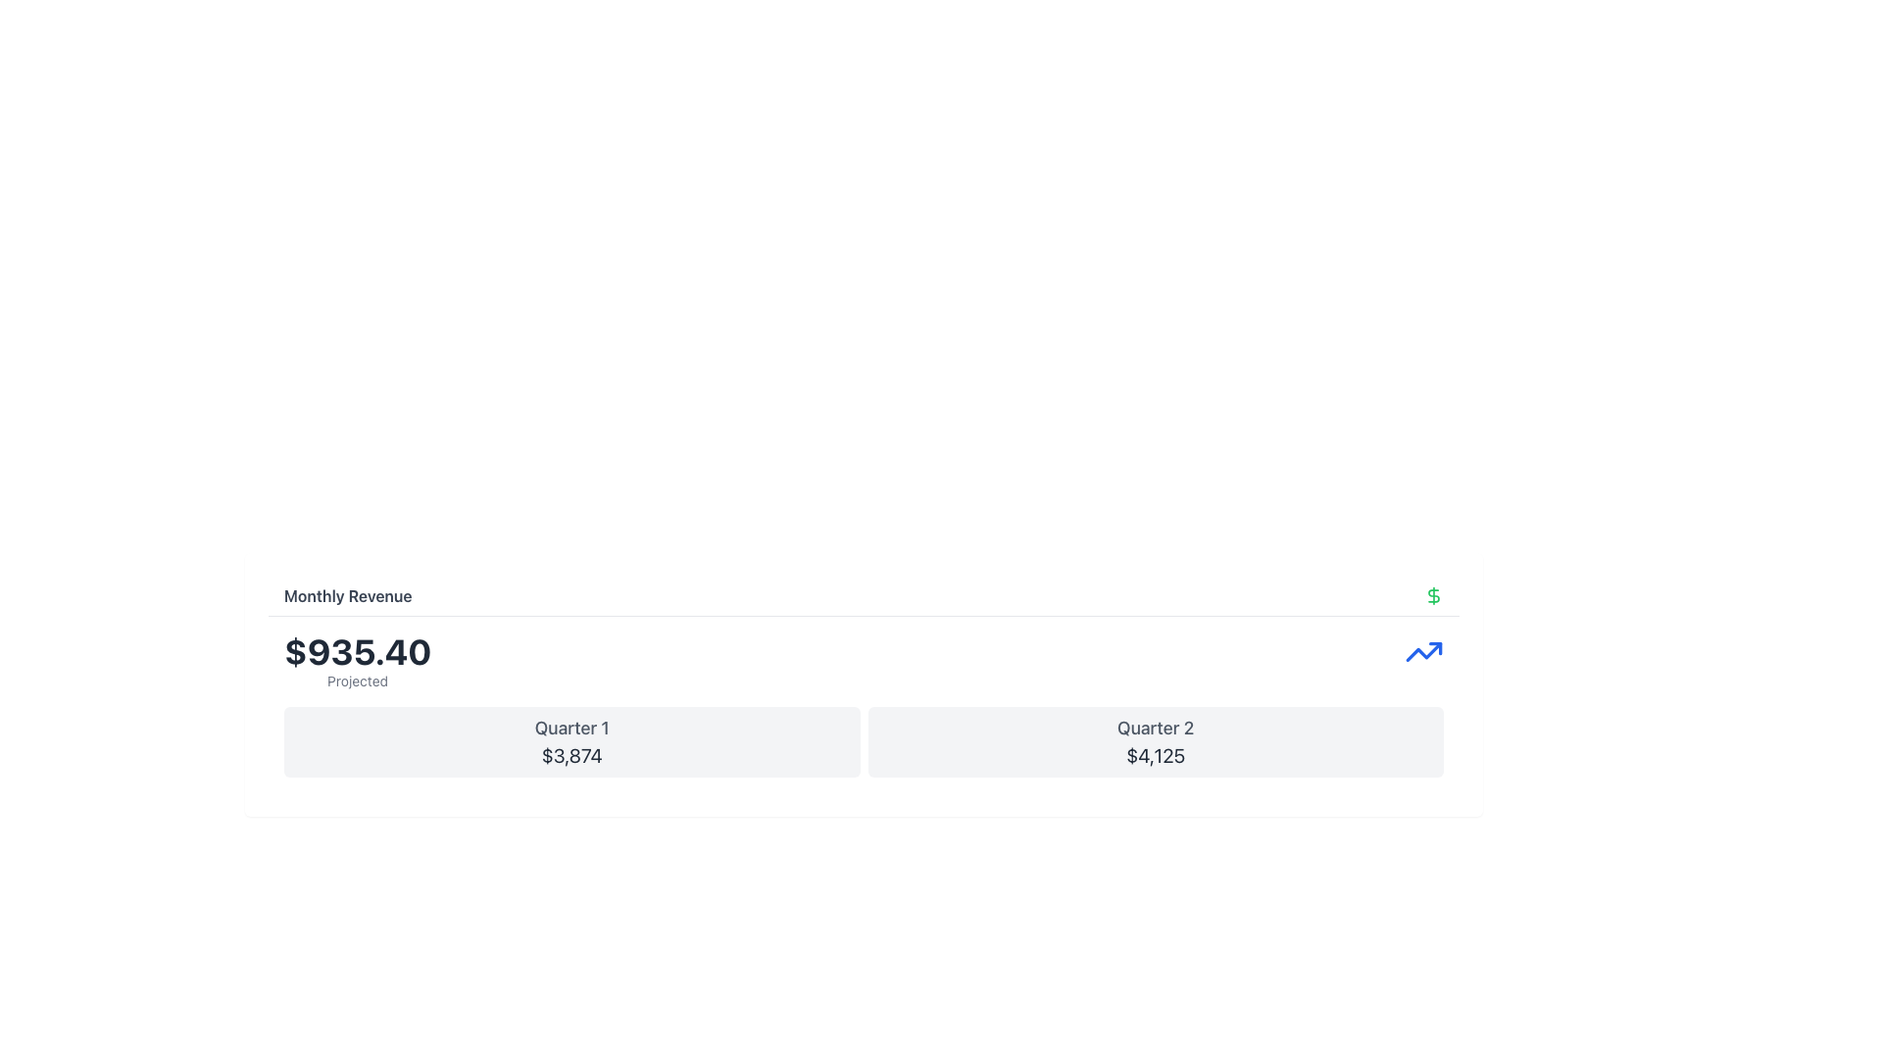 The height and width of the screenshot is (1059, 1882). Describe the element at coordinates (358, 651) in the screenshot. I see `the projected revenue text label to read its displayed information` at that location.